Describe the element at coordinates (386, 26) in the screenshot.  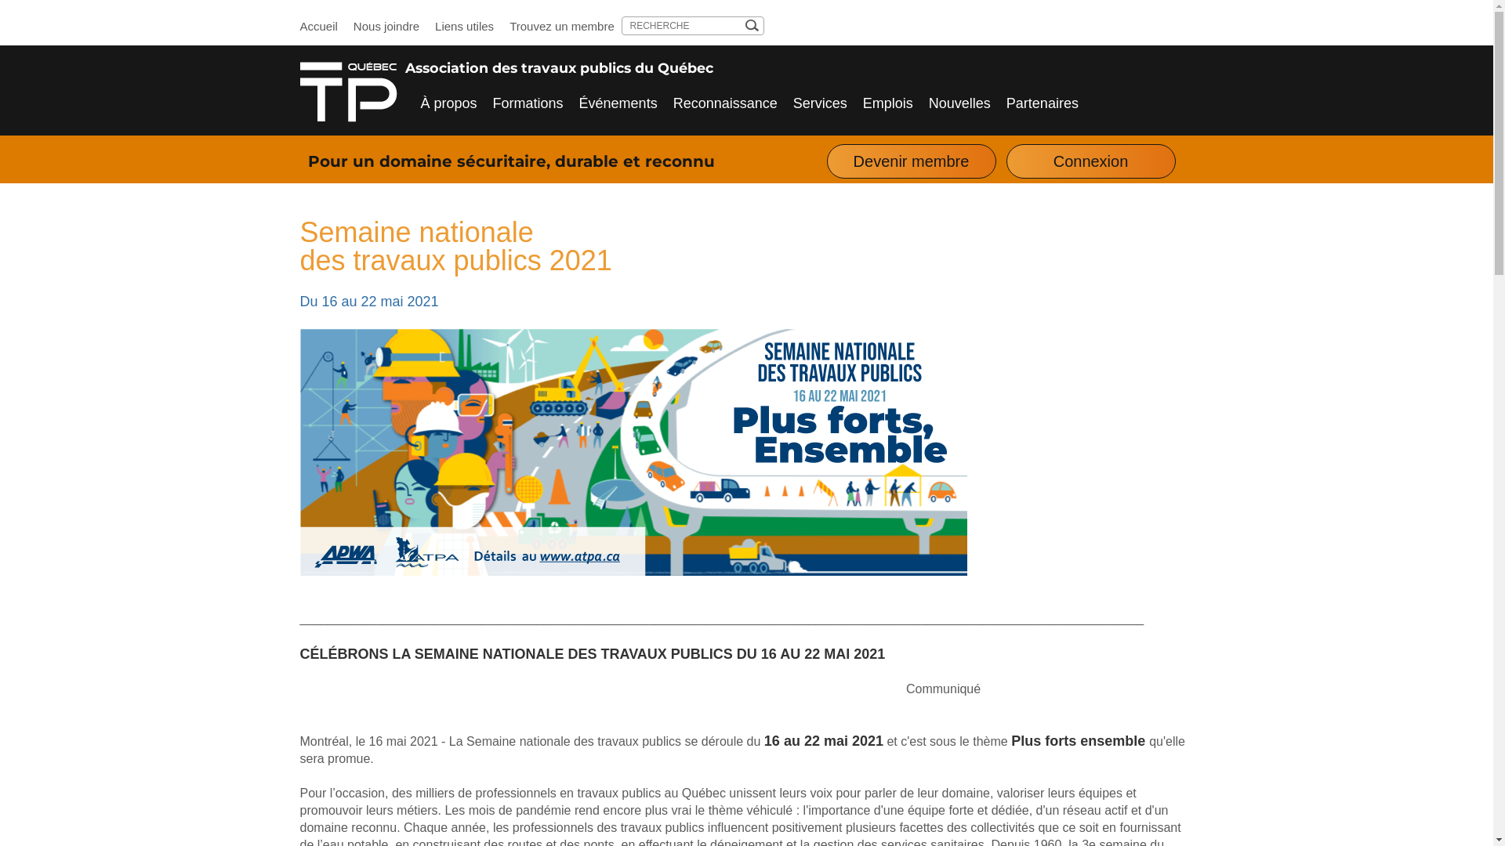
I see `'Nous joindre'` at that location.